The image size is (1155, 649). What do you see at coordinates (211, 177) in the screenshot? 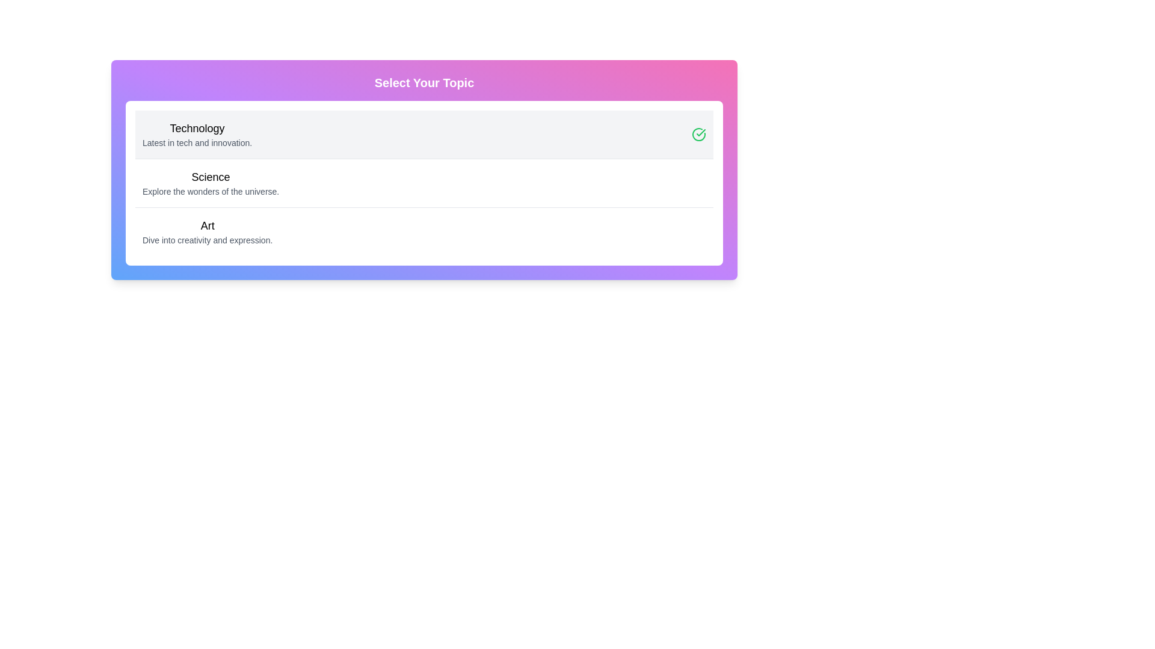
I see `the 'Science' header` at bounding box center [211, 177].